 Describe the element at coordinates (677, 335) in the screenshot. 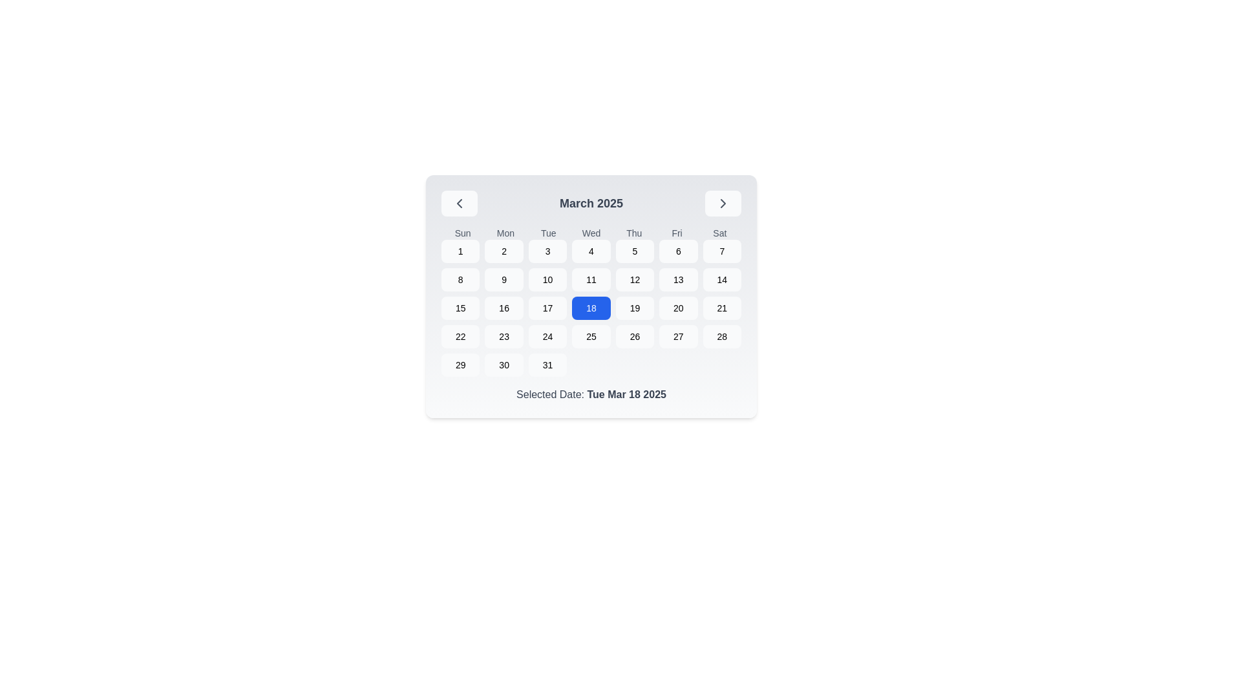

I see `the day selector button for the 27th day in the March 2025 calendar grid` at that location.